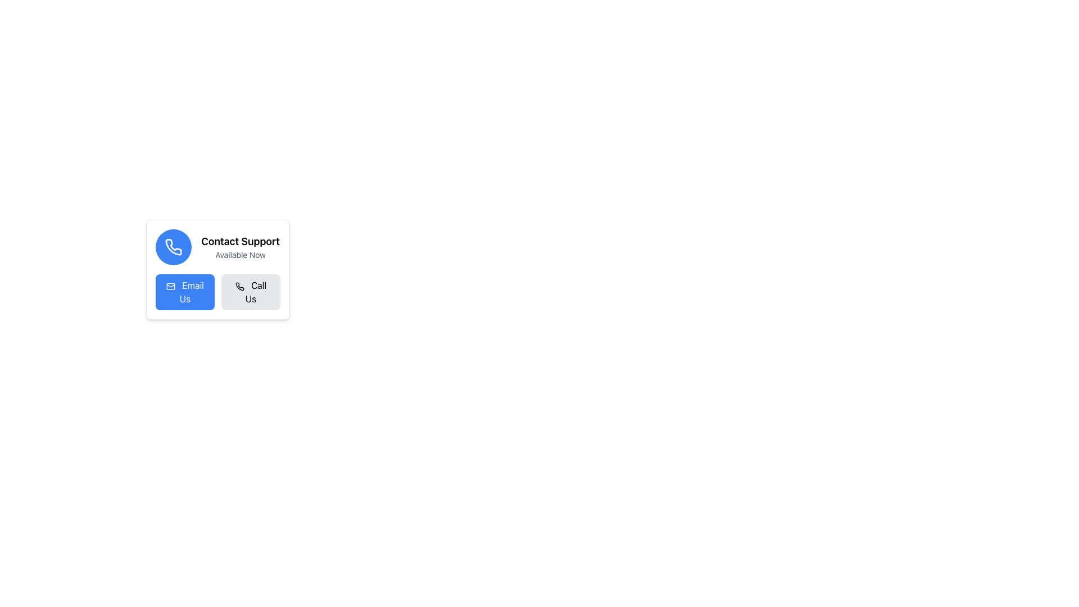 The image size is (1079, 607). What do you see at coordinates (239, 246) in the screenshot?
I see `the text label that displays information about contacting support, located above the 'Email Us' and 'Call Us' buttons, adjacent to a circular phone icon` at bounding box center [239, 246].